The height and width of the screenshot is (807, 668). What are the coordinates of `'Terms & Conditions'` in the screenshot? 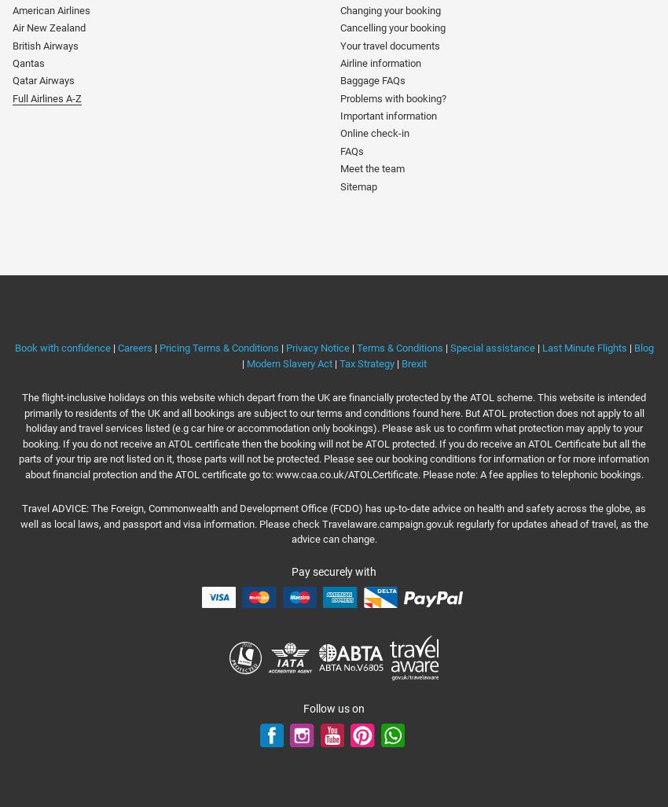 It's located at (398, 348).